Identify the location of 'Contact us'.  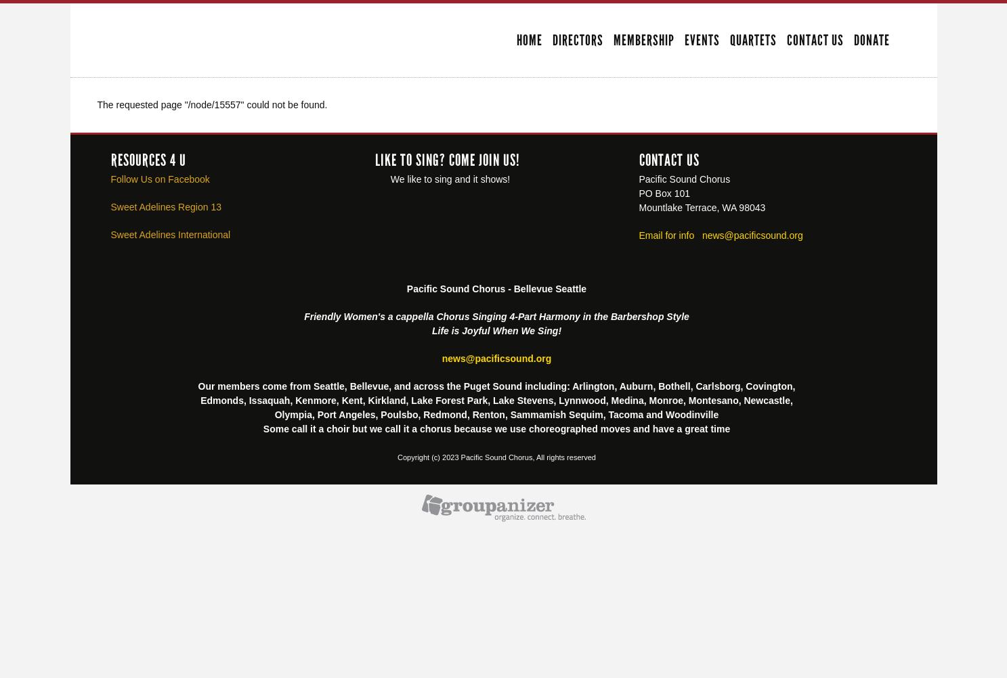
(668, 159).